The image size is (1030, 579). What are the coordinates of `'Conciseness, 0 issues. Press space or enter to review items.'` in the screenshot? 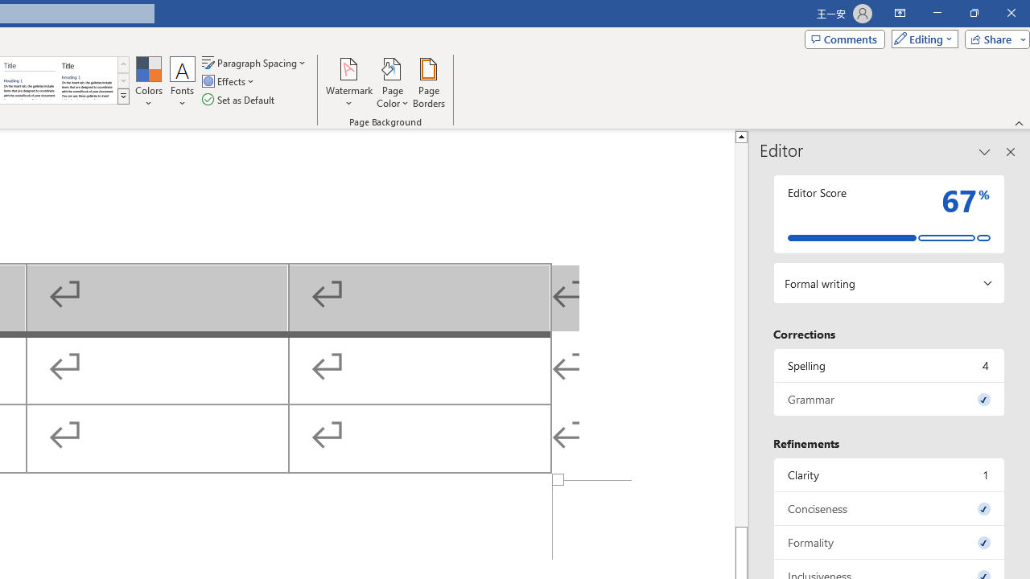 It's located at (888, 508).